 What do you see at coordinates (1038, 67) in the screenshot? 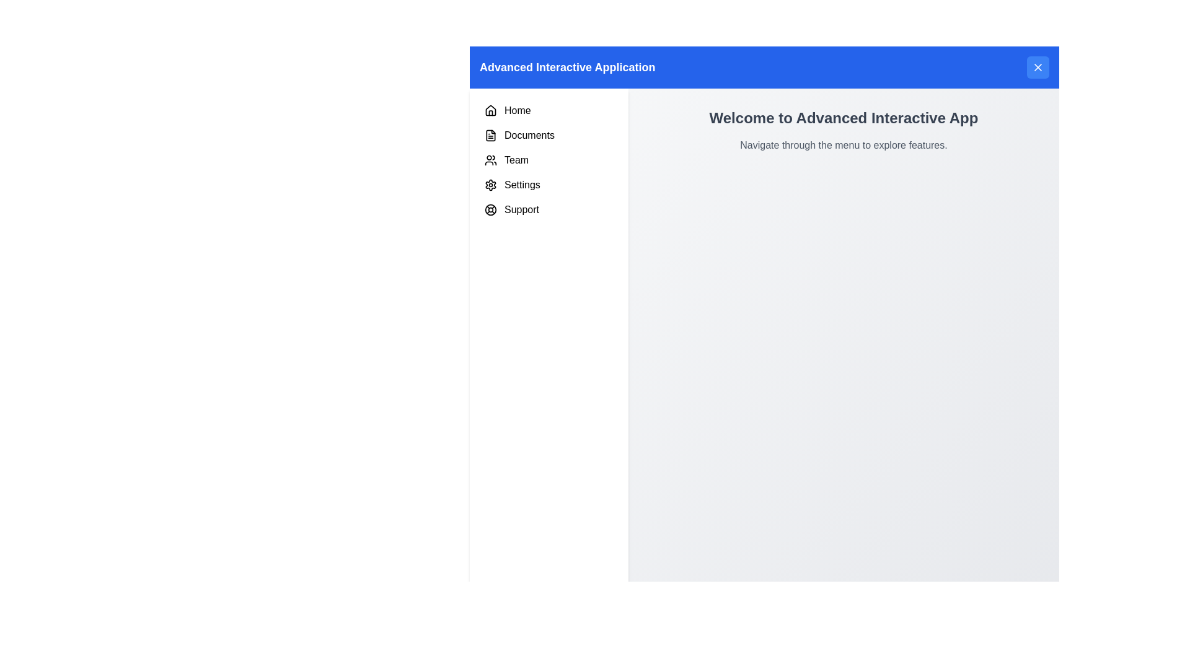
I see `the close button (icon button) located in the top-right corner of the blue header bar labeled 'Advanced Interactive Application'` at bounding box center [1038, 67].